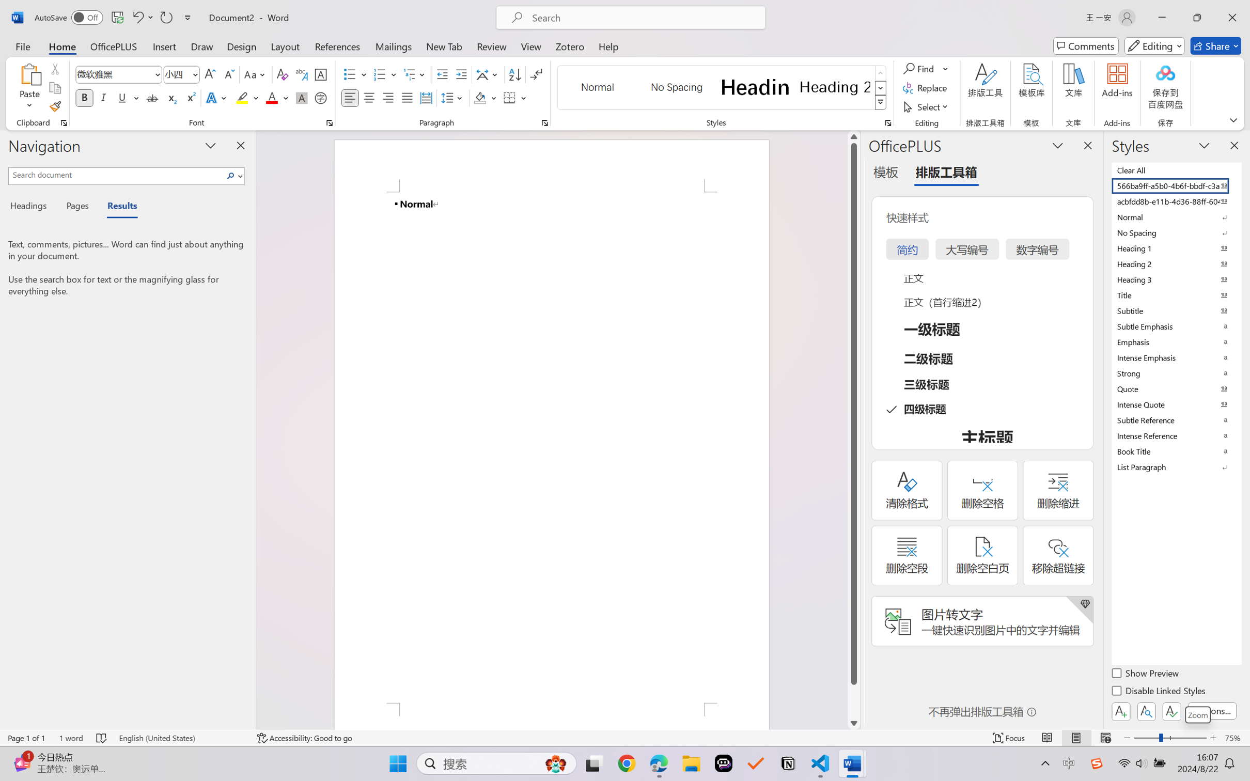  What do you see at coordinates (176, 74) in the screenshot?
I see `'Font Size'` at bounding box center [176, 74].